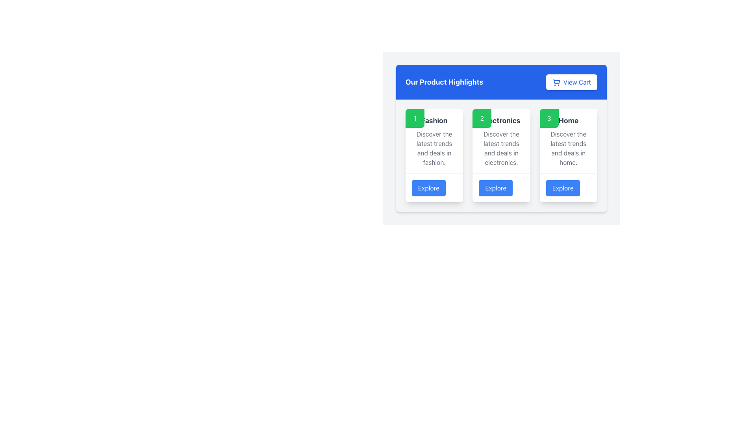 The width and height of the screenshot is (756, 425). I want to click on the keyboard on the 'Explore' button with blue background and white text, located at the bottom of the first card, so click(428, 188).